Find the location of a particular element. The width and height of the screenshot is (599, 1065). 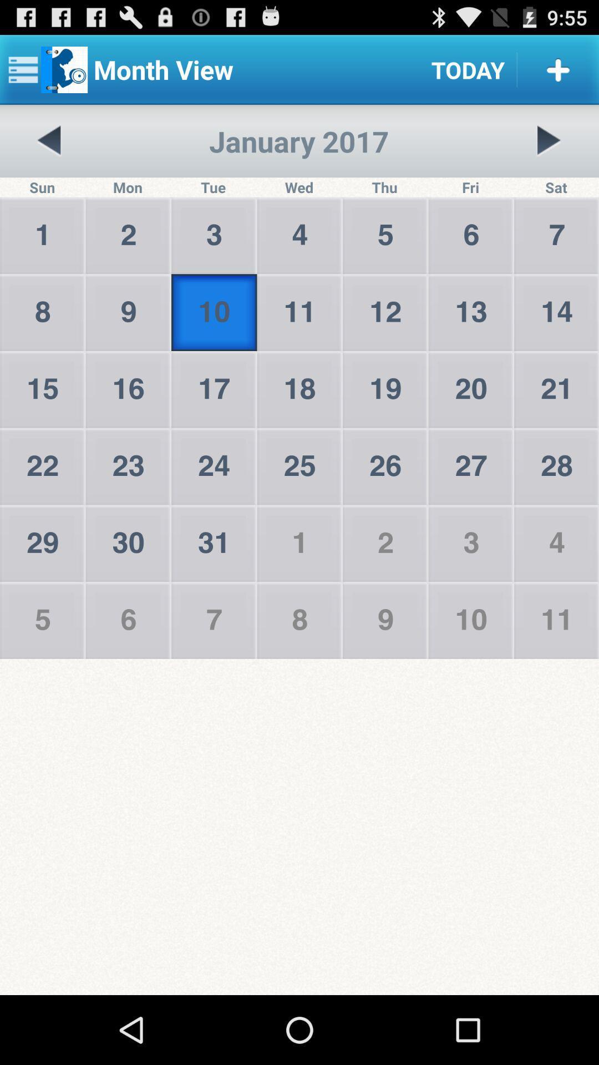

icon to the right of the month view icon is located at coordinates (468, 69).